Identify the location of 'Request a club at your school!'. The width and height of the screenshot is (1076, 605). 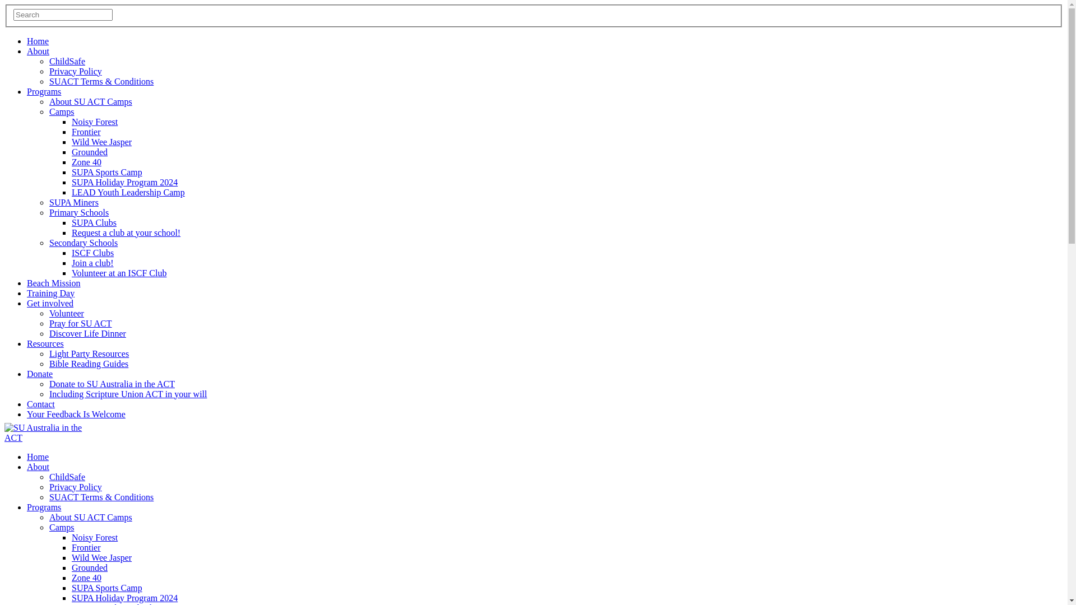
(71, 232).